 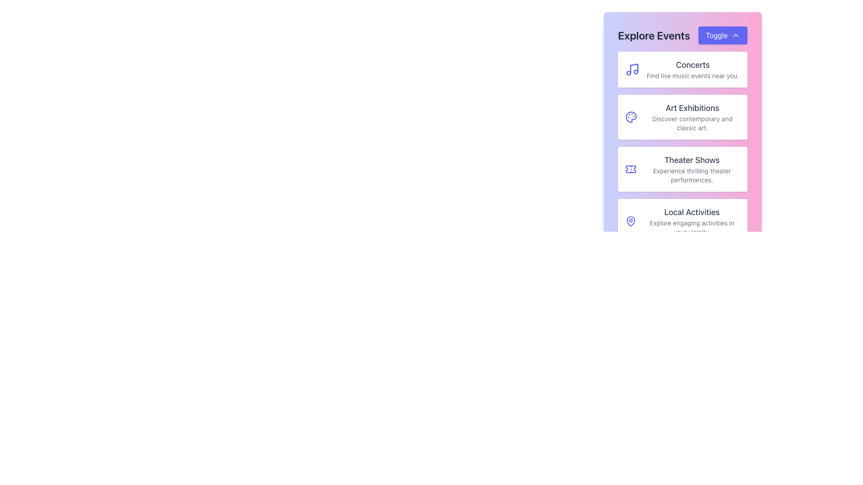 What do you see at coordinates (691, 169) in the screenshot?
I see `the 'Theater Shows' text label` at bounding box center [691, 169].